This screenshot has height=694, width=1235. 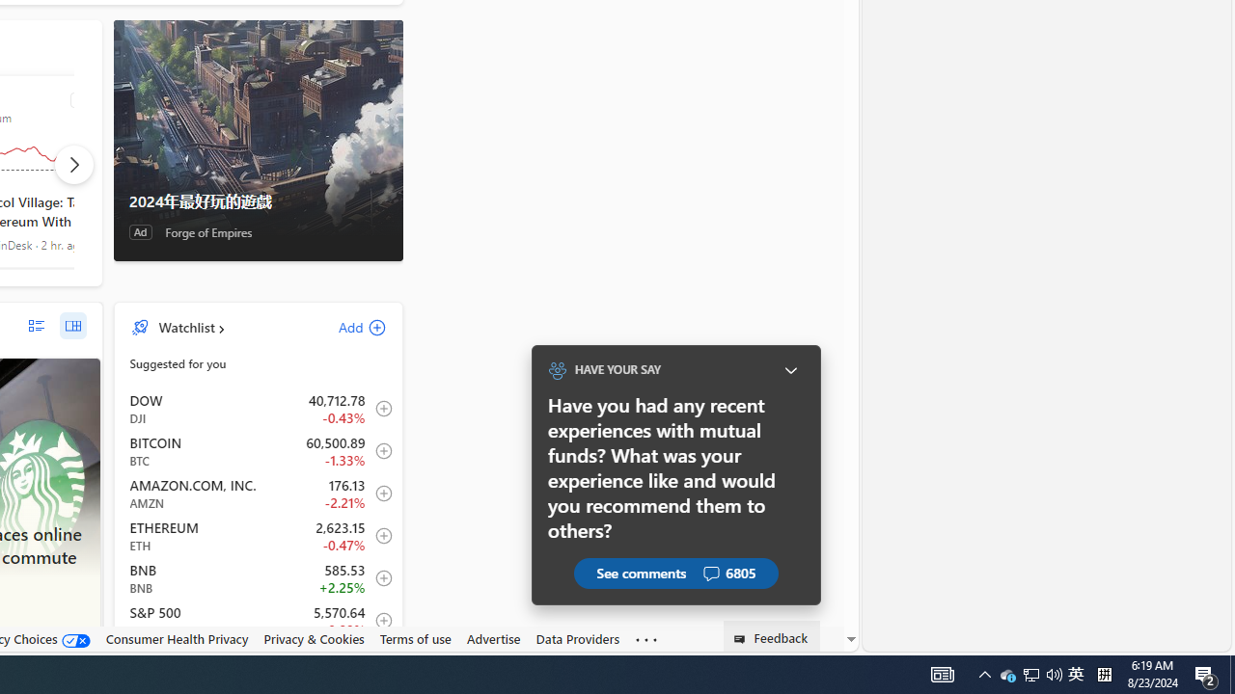 What do you see at coordinates (646, 639) in the screenshot?
I see `'Class: oneFooter_seeMore-DS-EntryPoint1-1'` at bounding box center [646, 639].